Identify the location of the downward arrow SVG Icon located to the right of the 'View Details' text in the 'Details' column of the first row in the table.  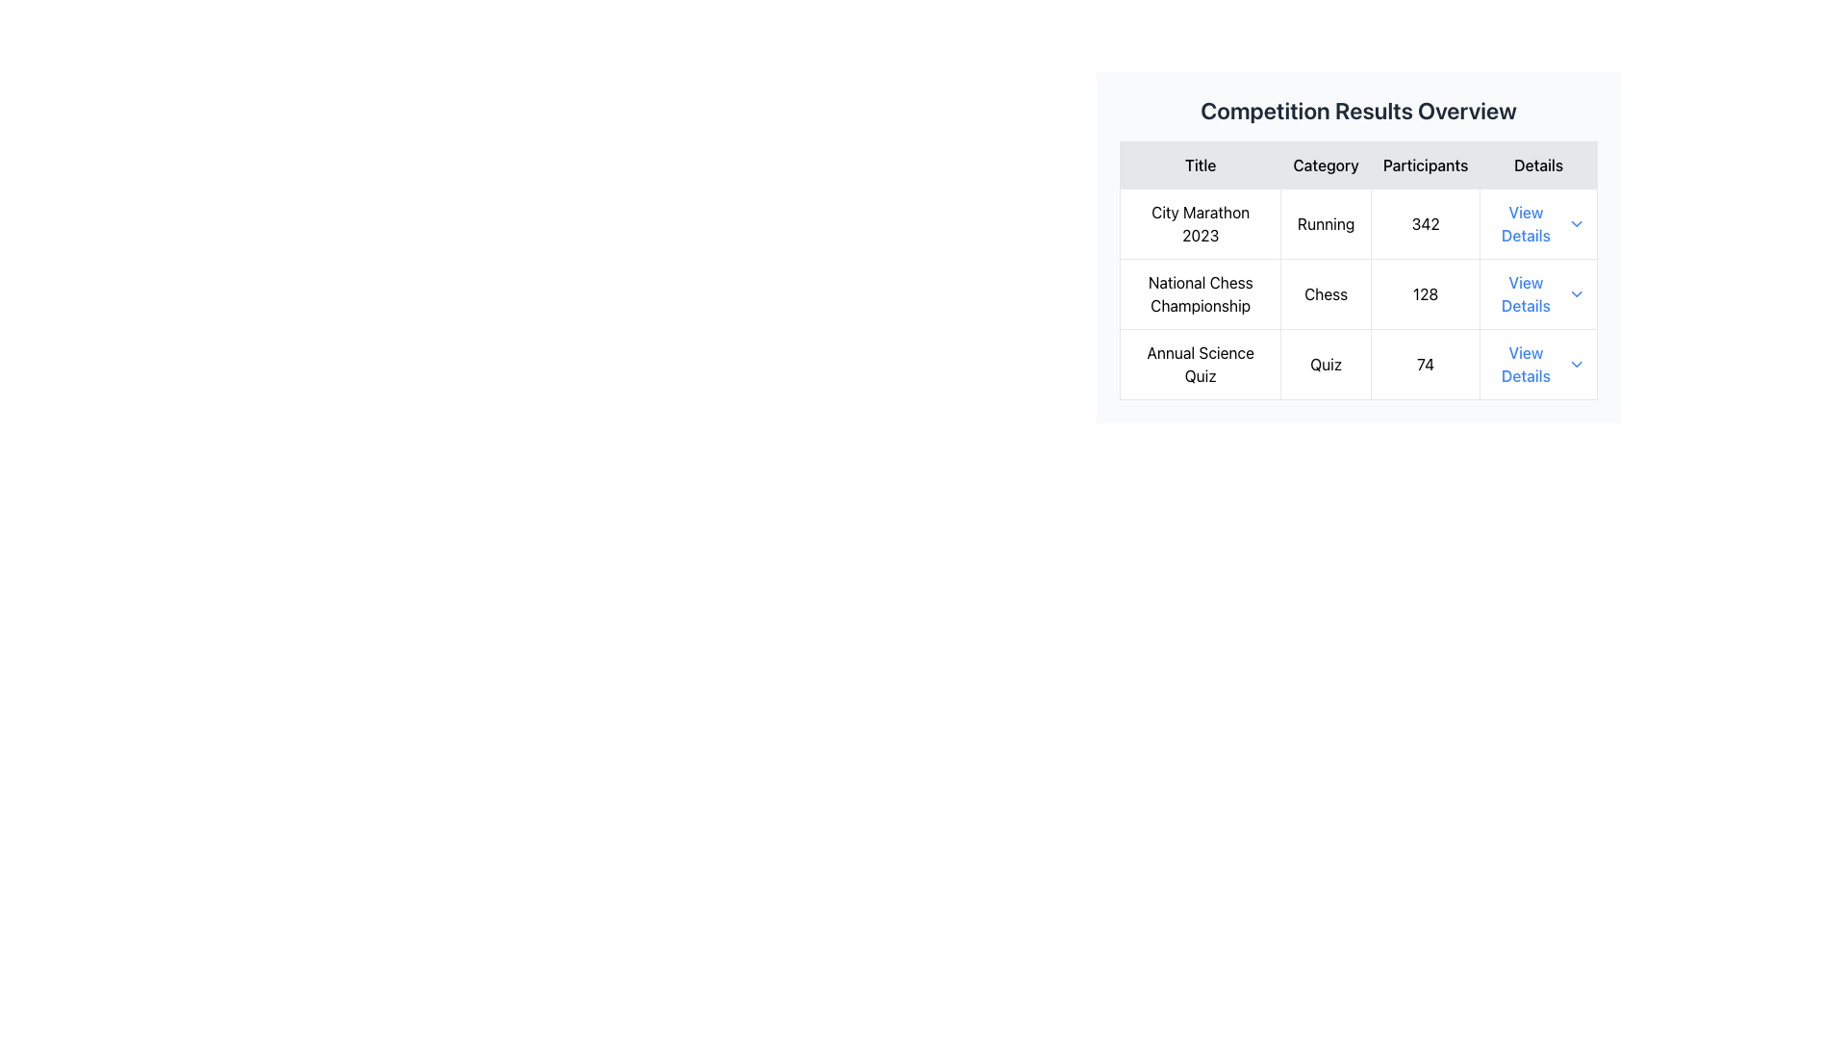
(1576, 222).